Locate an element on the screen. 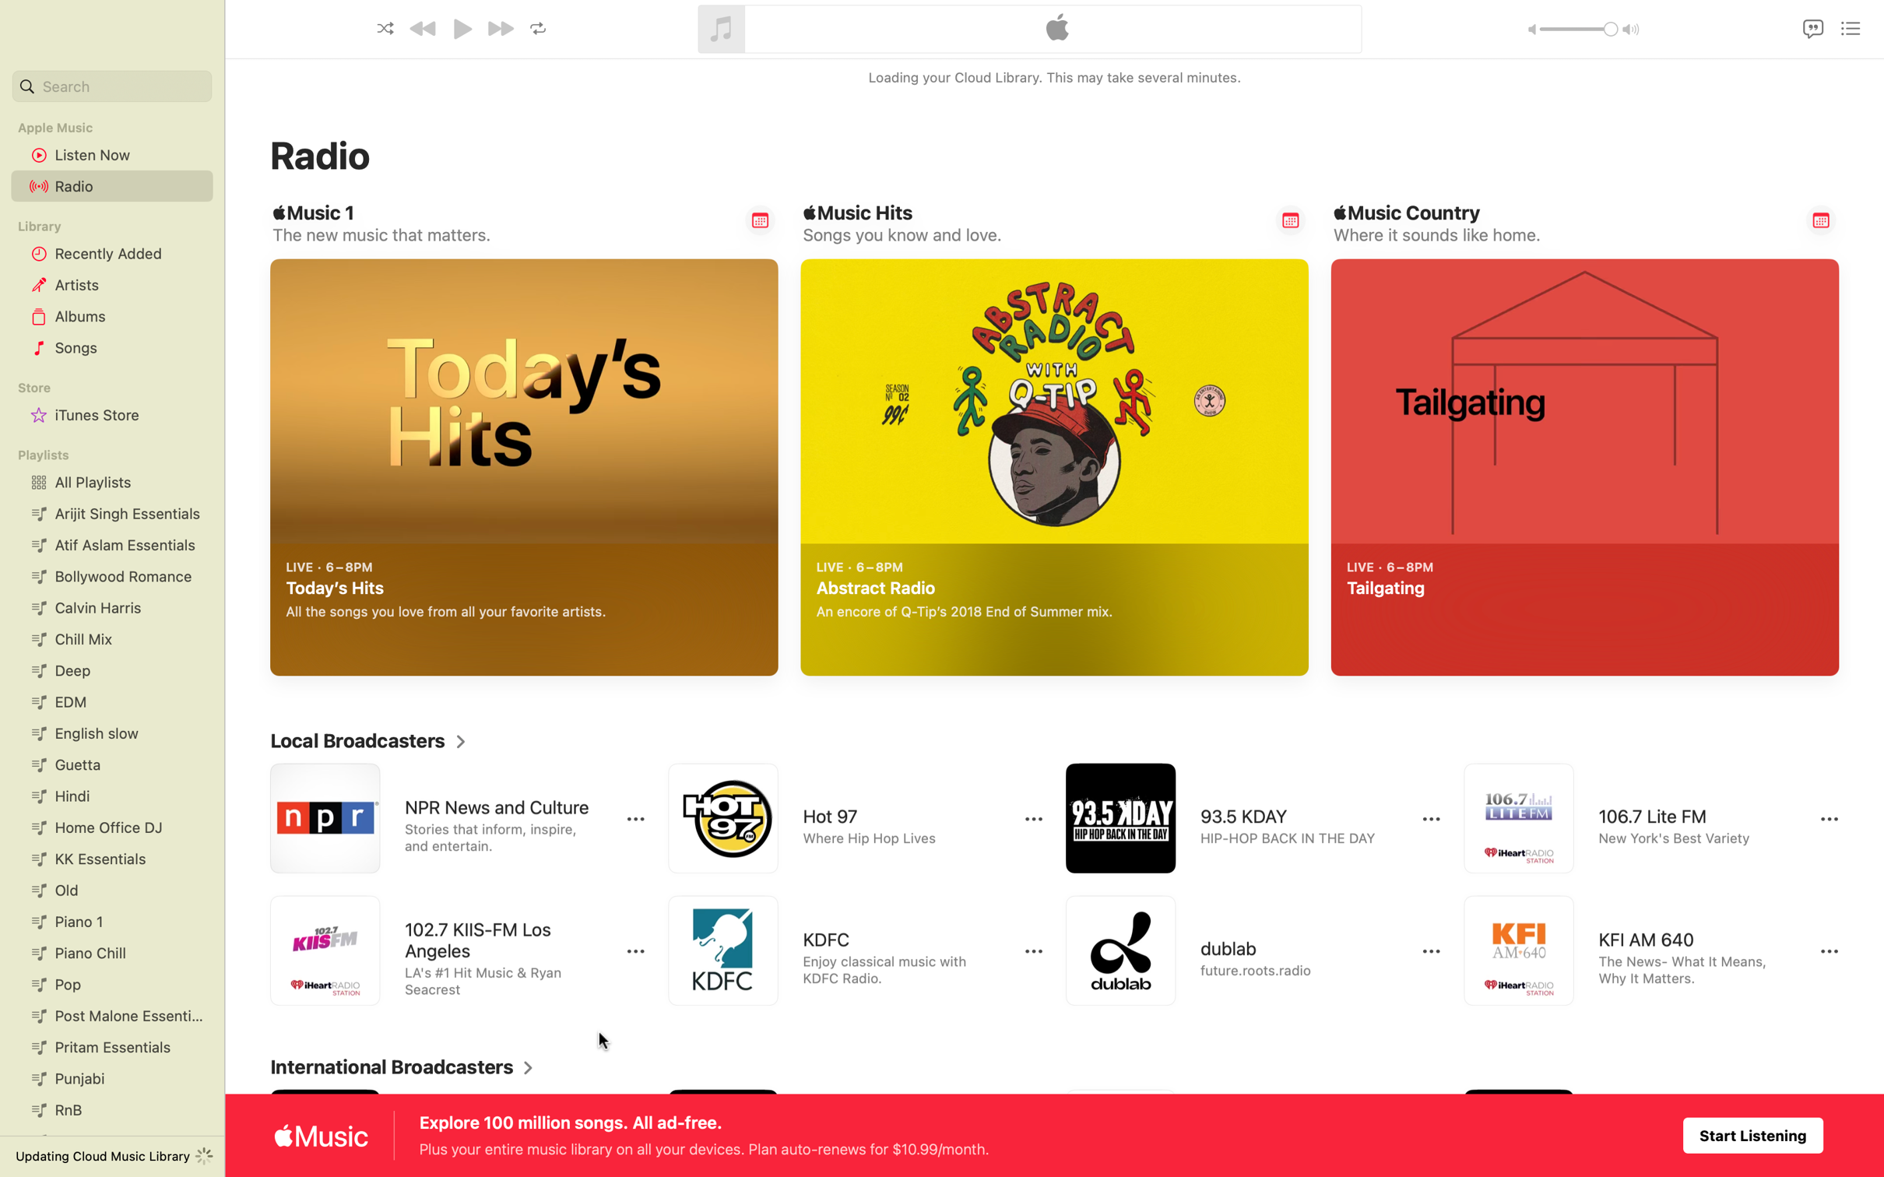 The height and width of the screenshot is (1177, 1884). Opt for unveiling more features for KDFC radio is located at coordinates (1034, 952).